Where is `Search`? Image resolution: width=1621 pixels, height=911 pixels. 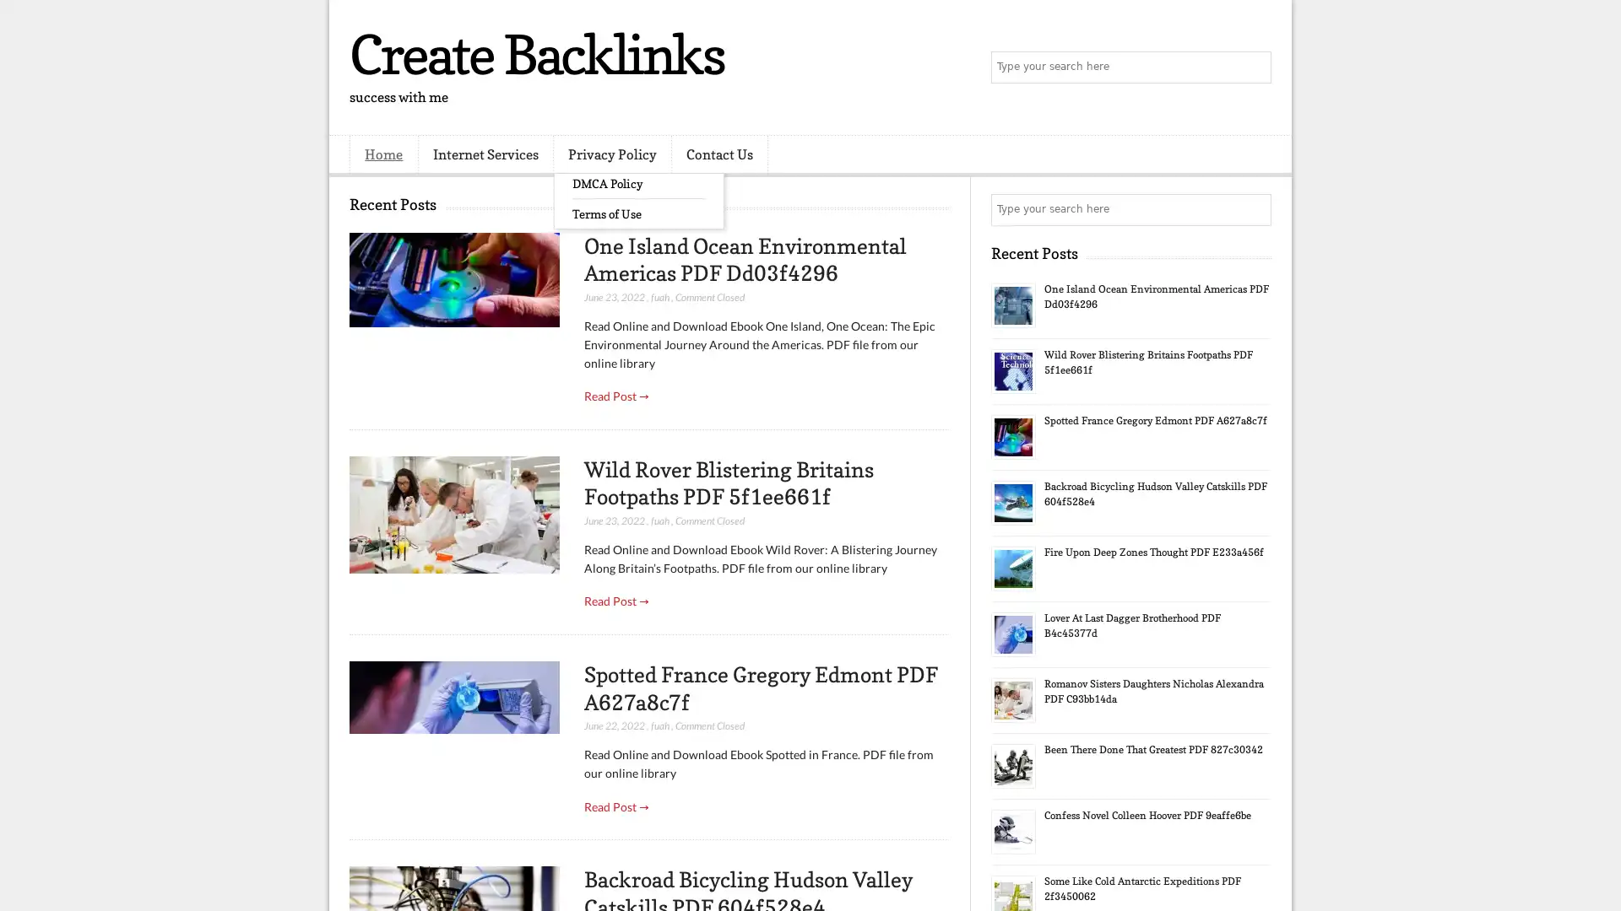 Search is located at coordinates (1254, 67).